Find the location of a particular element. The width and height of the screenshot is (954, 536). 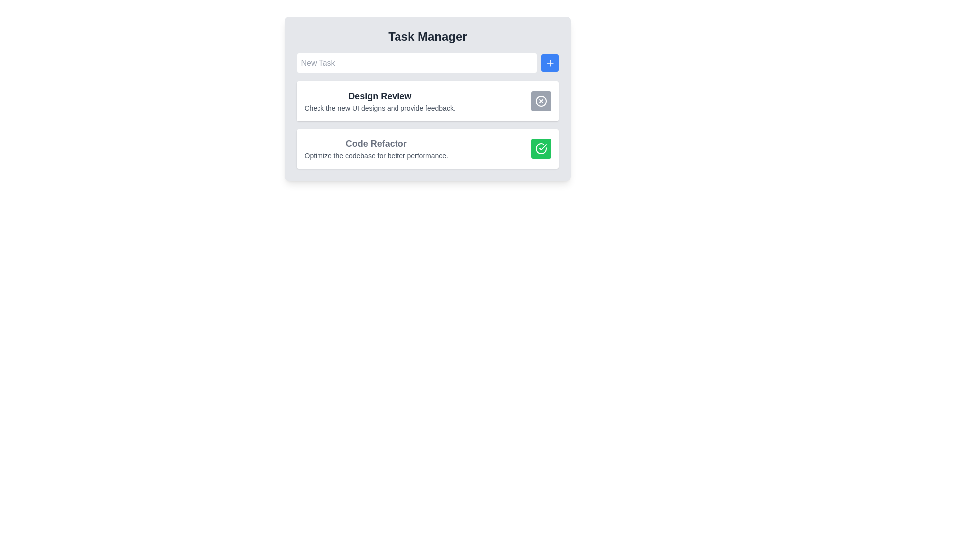

the circular icon with a centered cross symbol, located to the right of the 'Design Review' task in the task list is located at coordinates (540, 101).